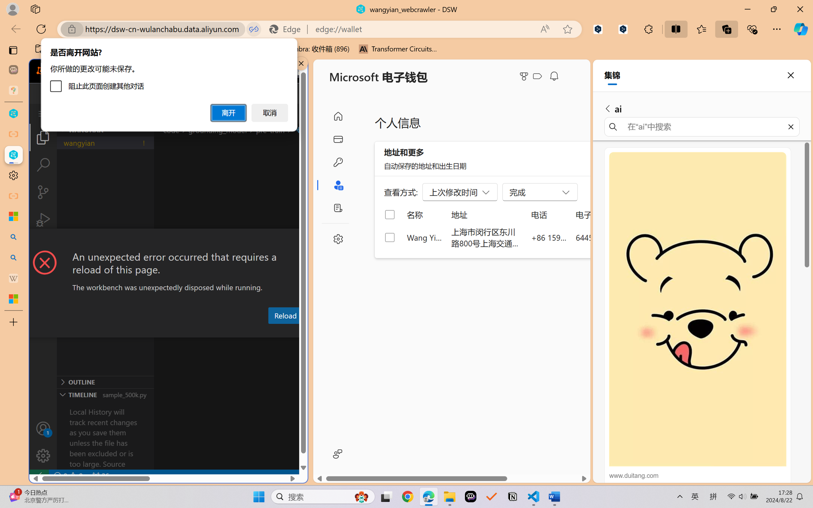 The width and height of the screenshot is (813, 508). Describe the element at coordinates (408, 497) in the screenshot. I see `'Google Chrome'` at that location.